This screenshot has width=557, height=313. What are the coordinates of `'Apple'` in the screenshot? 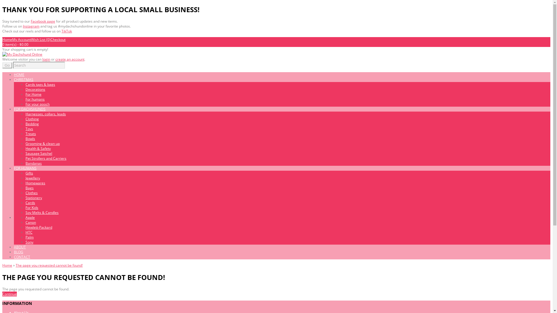 It's located at (30, 217).